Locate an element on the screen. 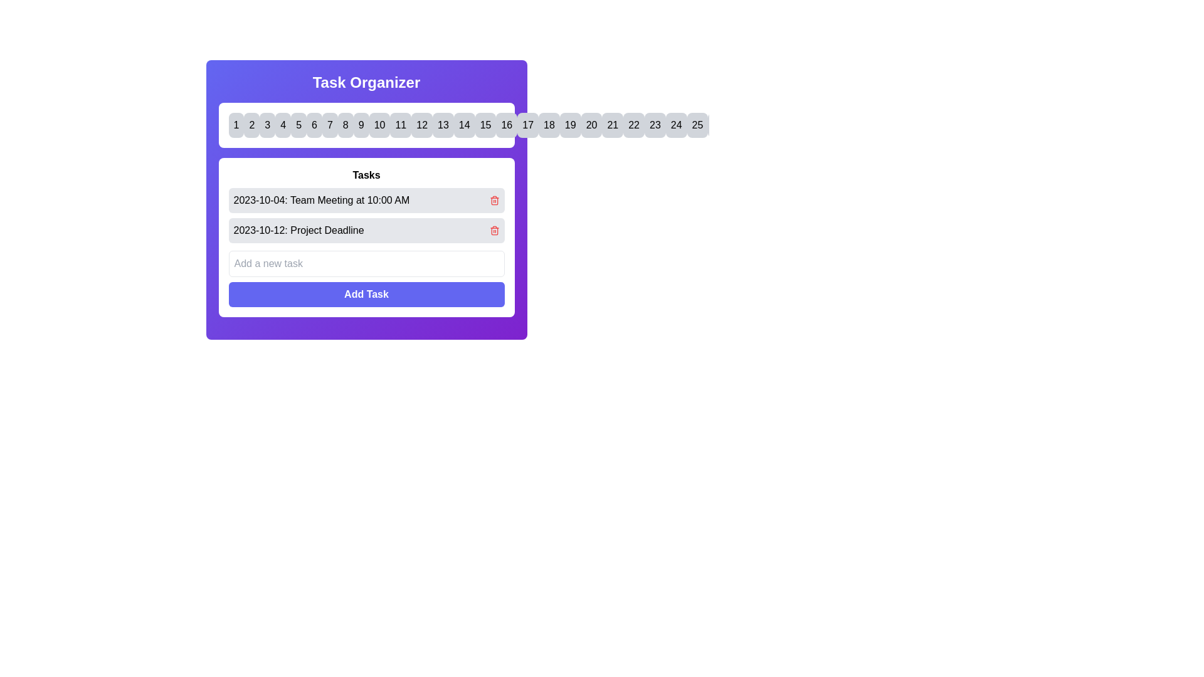 The width and height of the screenshot is (1204, 677). the deletion button icon located to the far right of the task entry is located at coordinates (494, 200).